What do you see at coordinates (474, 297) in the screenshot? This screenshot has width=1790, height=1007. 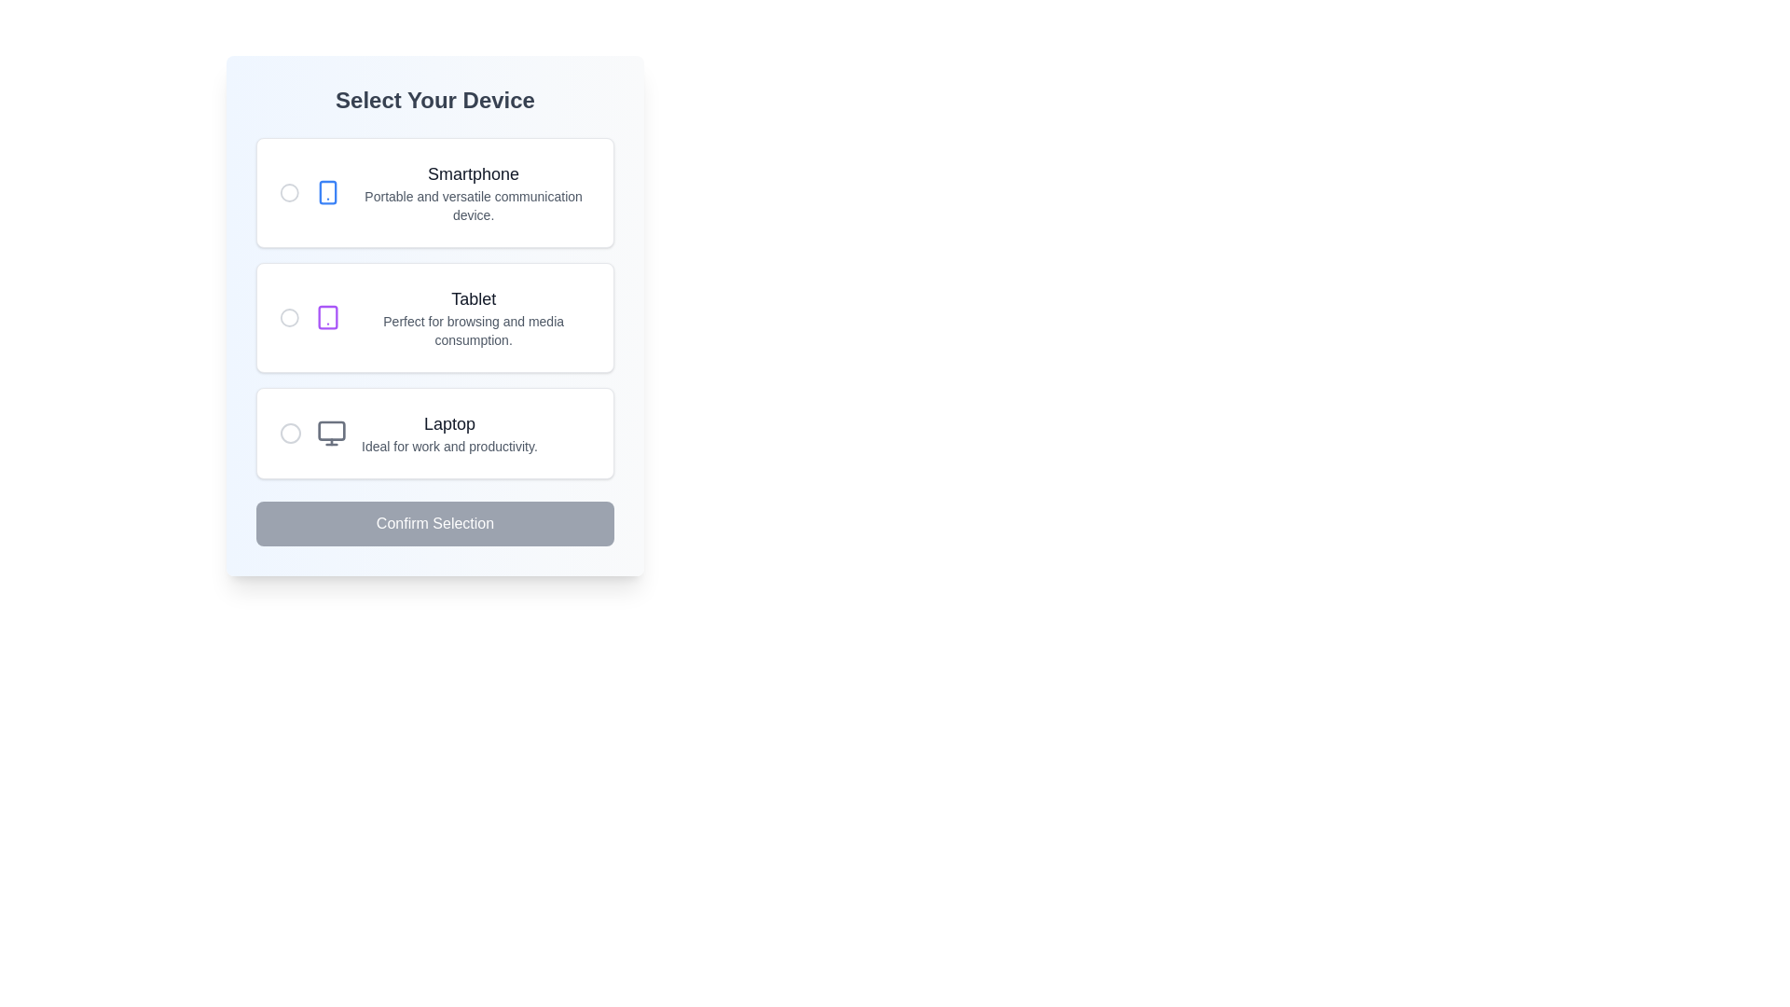 I see `the 'Tablet' text label which serves as the primary label in the second selection card, located between the 'Smartphone' and 'Laptop' selection cards` at bounding box center [474, 297].